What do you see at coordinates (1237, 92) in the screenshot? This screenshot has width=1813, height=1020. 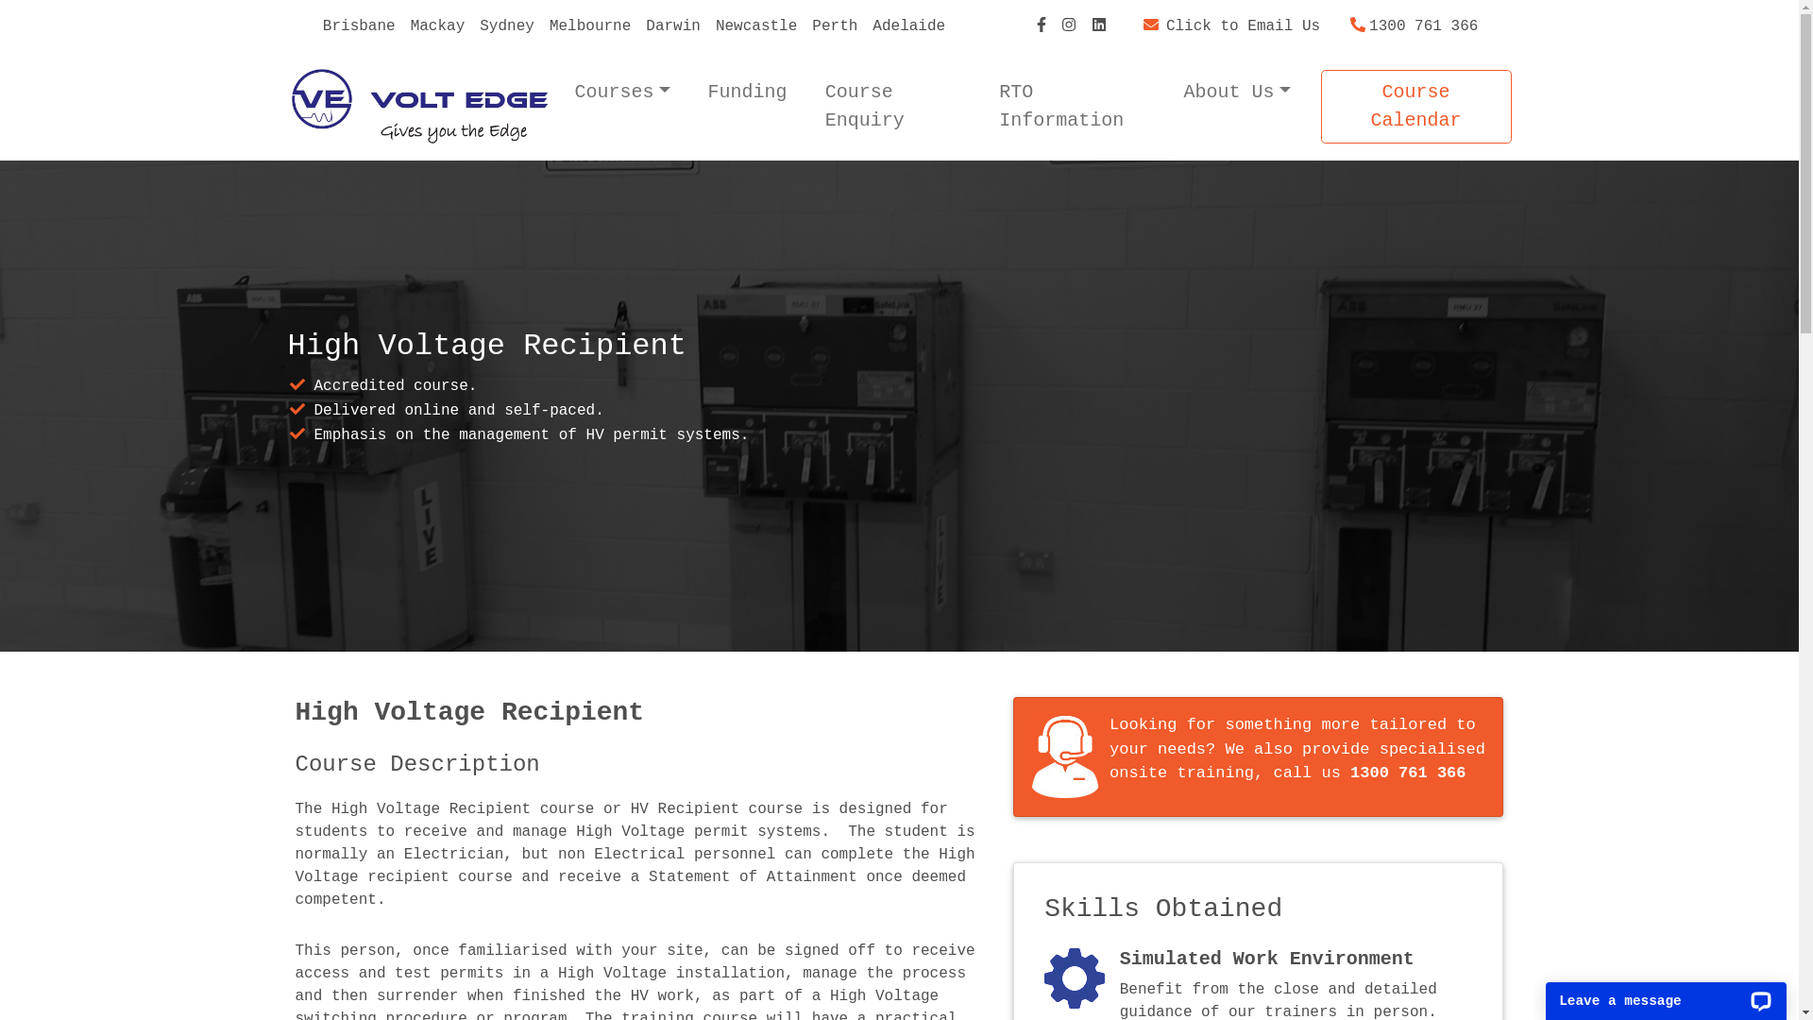 I see `'About Us'` at bounding box center [1237, 92].